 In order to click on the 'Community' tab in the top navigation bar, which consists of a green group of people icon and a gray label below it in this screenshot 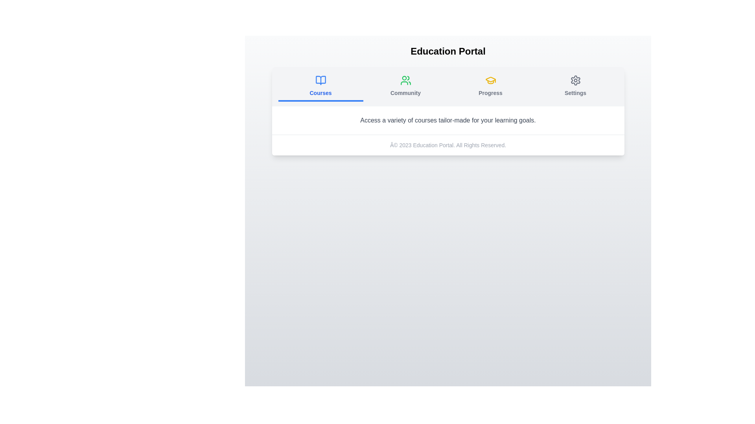, I will do `click(405, 86)`.